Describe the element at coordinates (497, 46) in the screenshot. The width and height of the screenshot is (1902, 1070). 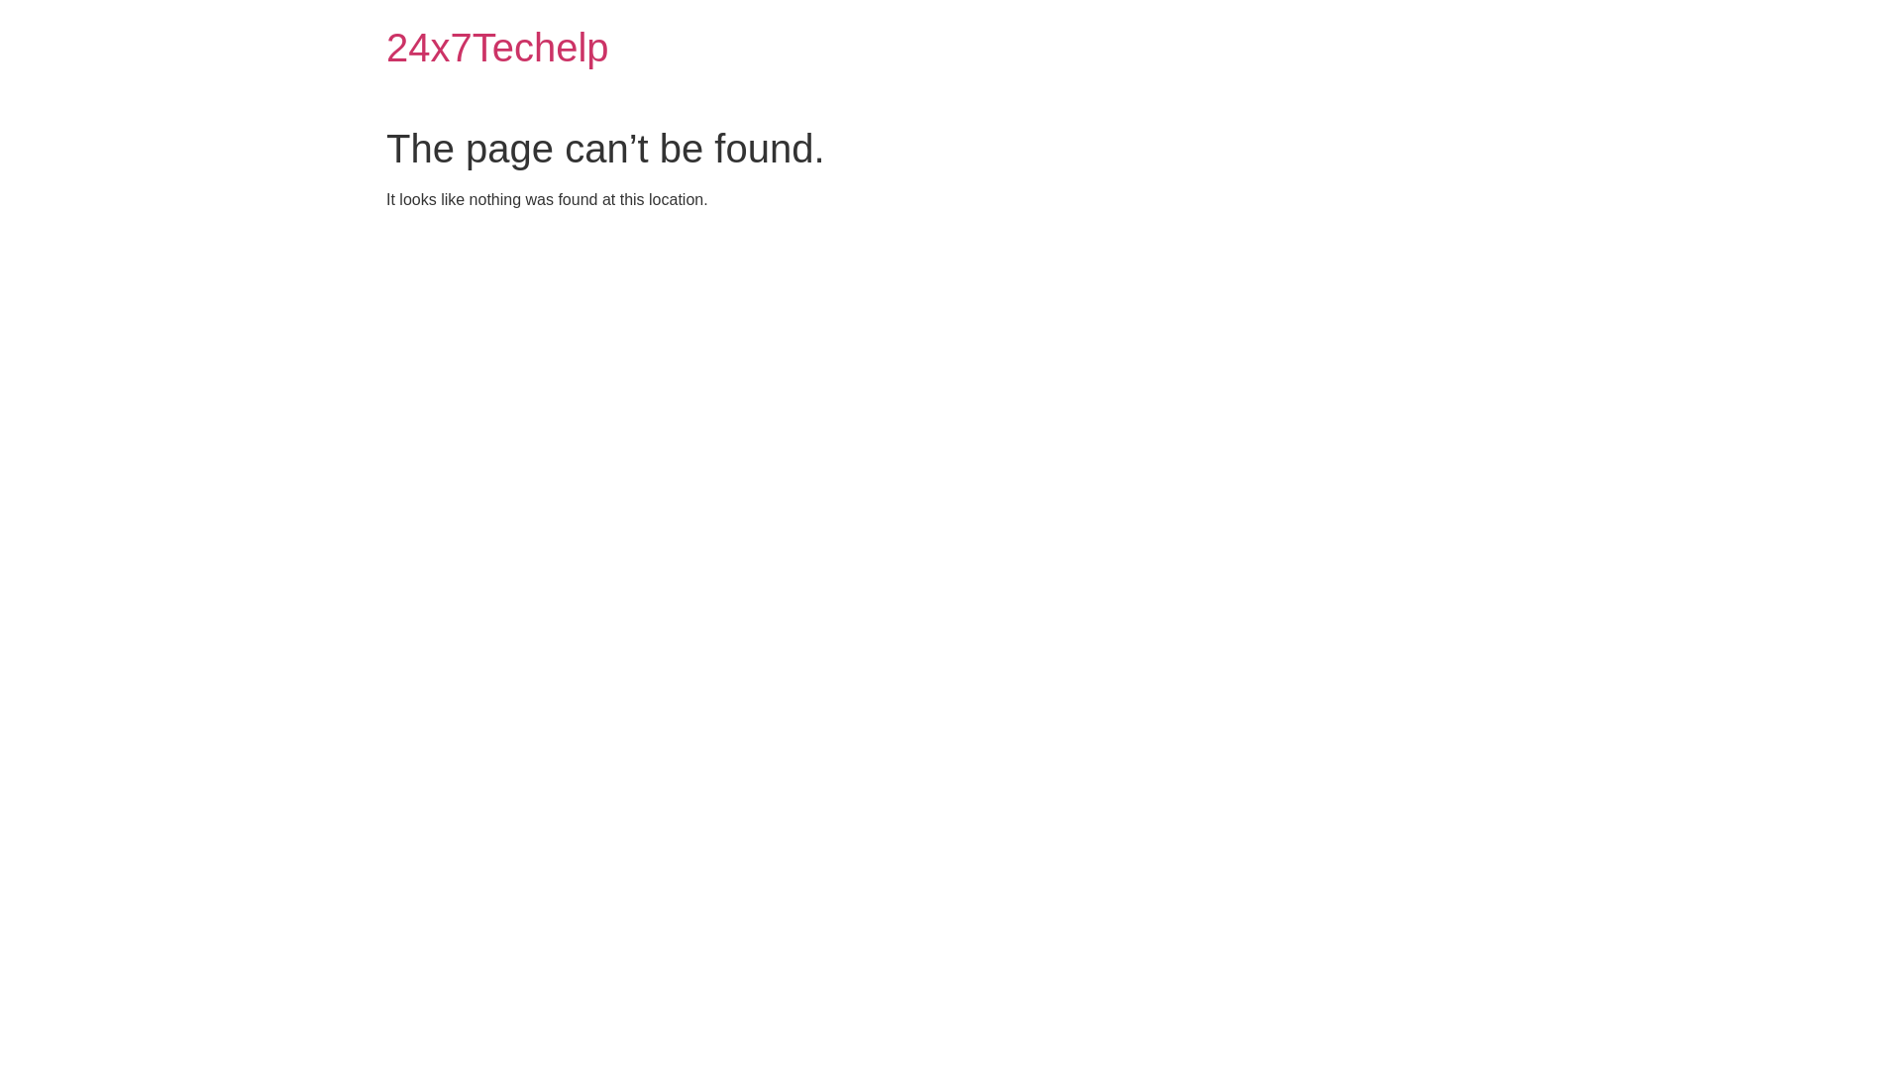
I see `'24x7Techelp'` at that location.